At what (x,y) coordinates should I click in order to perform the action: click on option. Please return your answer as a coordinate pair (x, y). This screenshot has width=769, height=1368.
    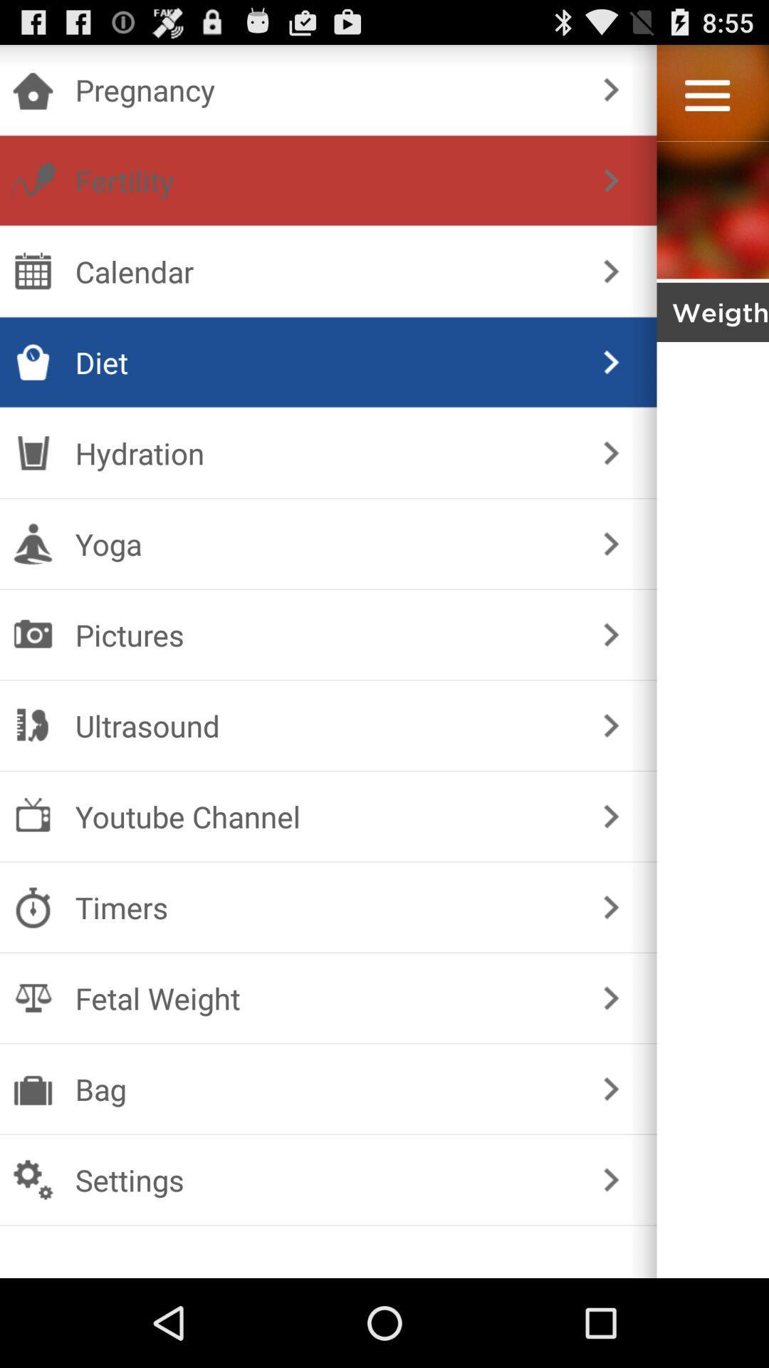
    Looking at the image, I should click on (707, 95).